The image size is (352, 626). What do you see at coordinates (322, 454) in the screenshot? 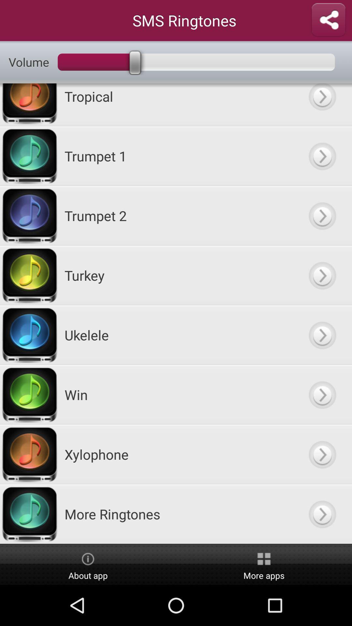
I see `for word` at bounding box center [322, 454].